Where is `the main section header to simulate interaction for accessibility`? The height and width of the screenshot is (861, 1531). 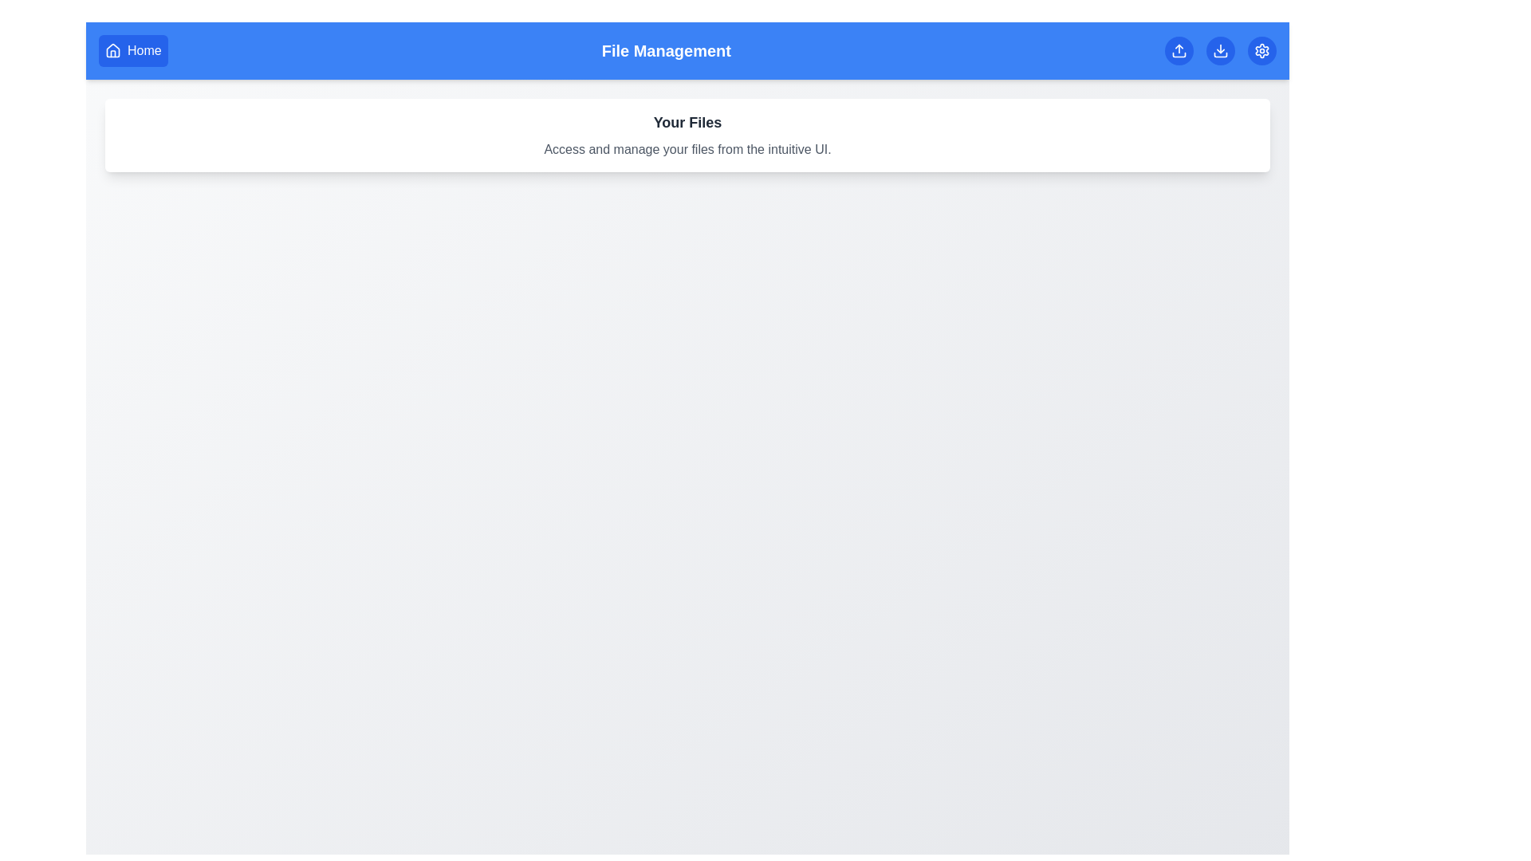 the main section header to simulate interaction for accessibility is located at coordinates (687, 122).